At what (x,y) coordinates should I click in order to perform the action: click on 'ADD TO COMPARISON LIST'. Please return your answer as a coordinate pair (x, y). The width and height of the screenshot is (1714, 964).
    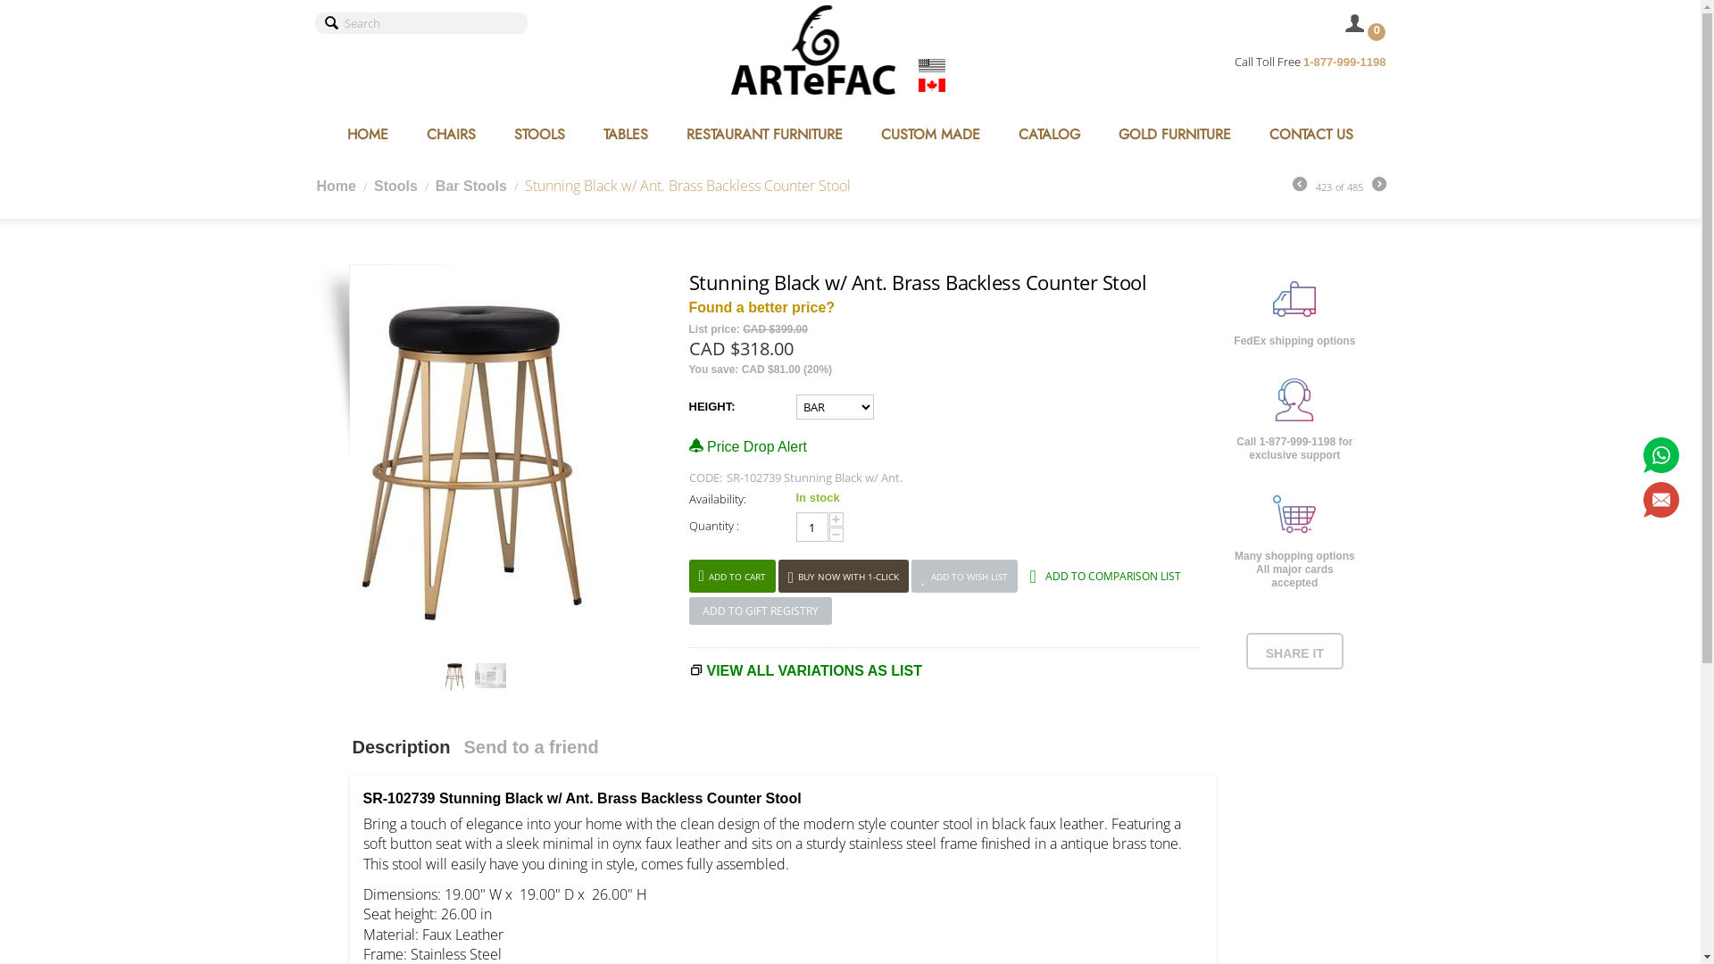
    Looking at the image, I should click on (1104, 574).